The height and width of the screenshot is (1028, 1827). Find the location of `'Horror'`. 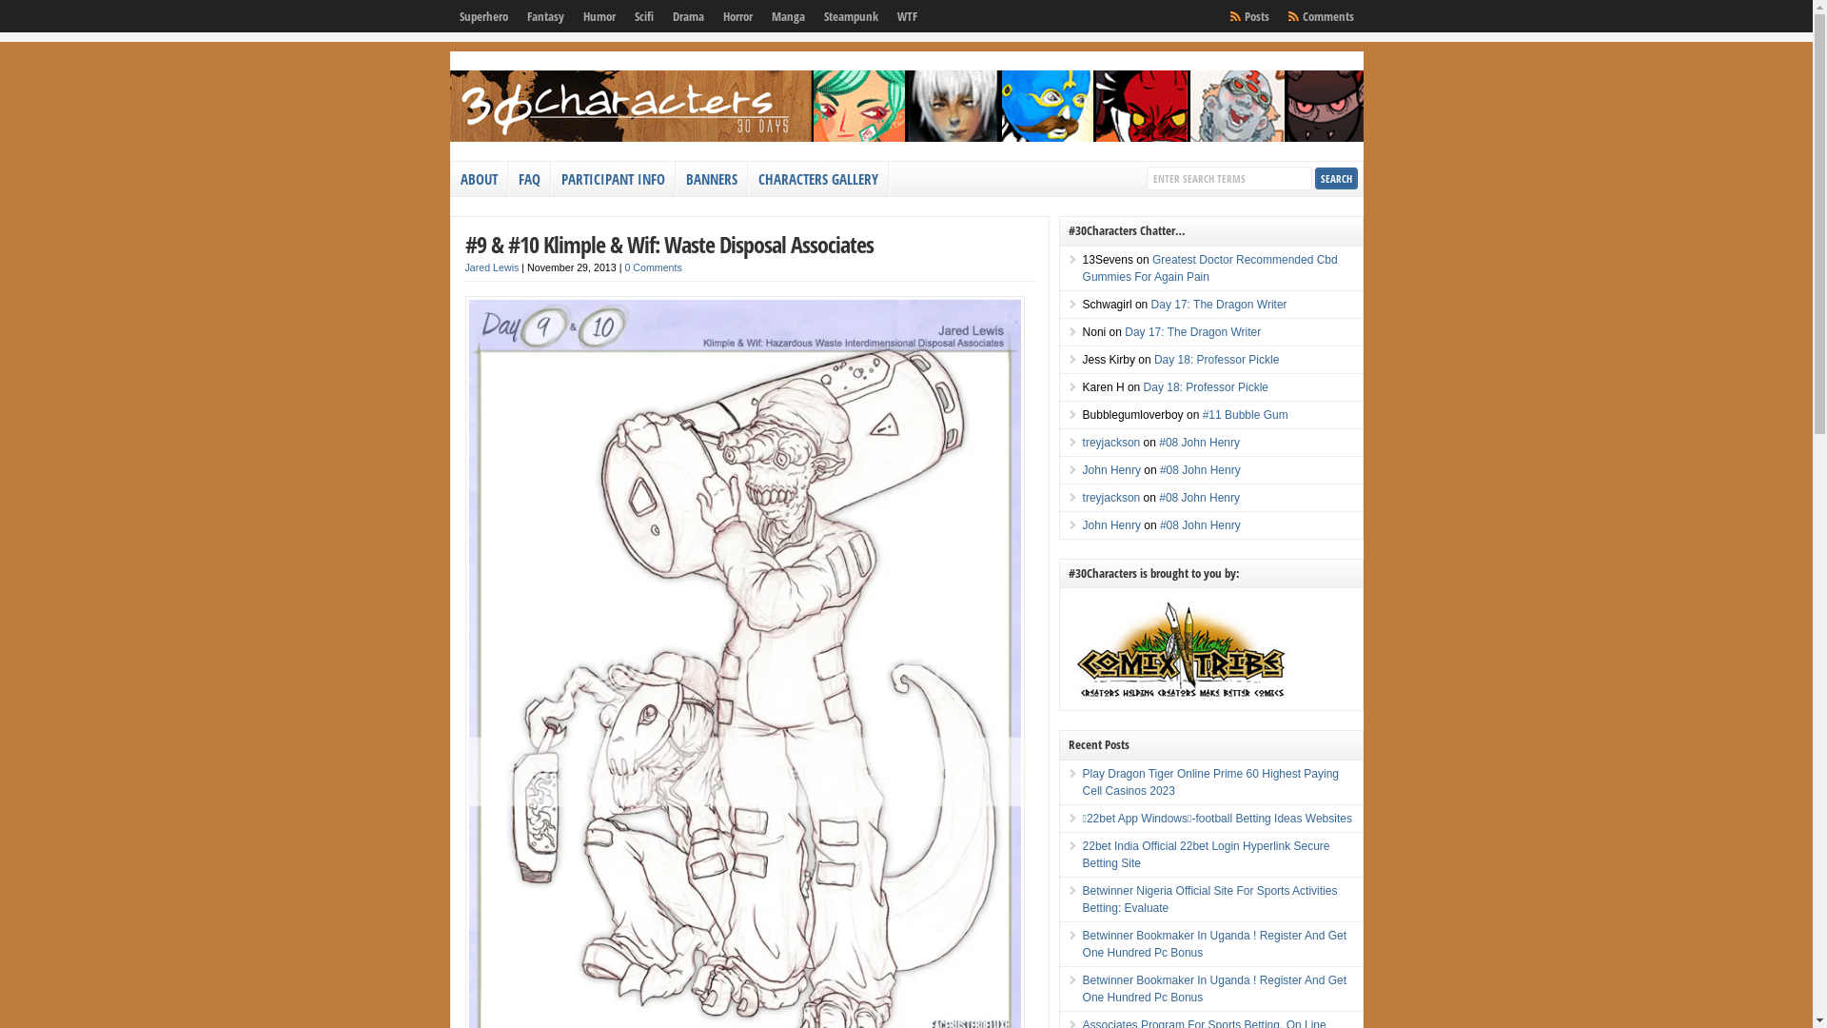

'Horror' is located at coordinates (737, 15).